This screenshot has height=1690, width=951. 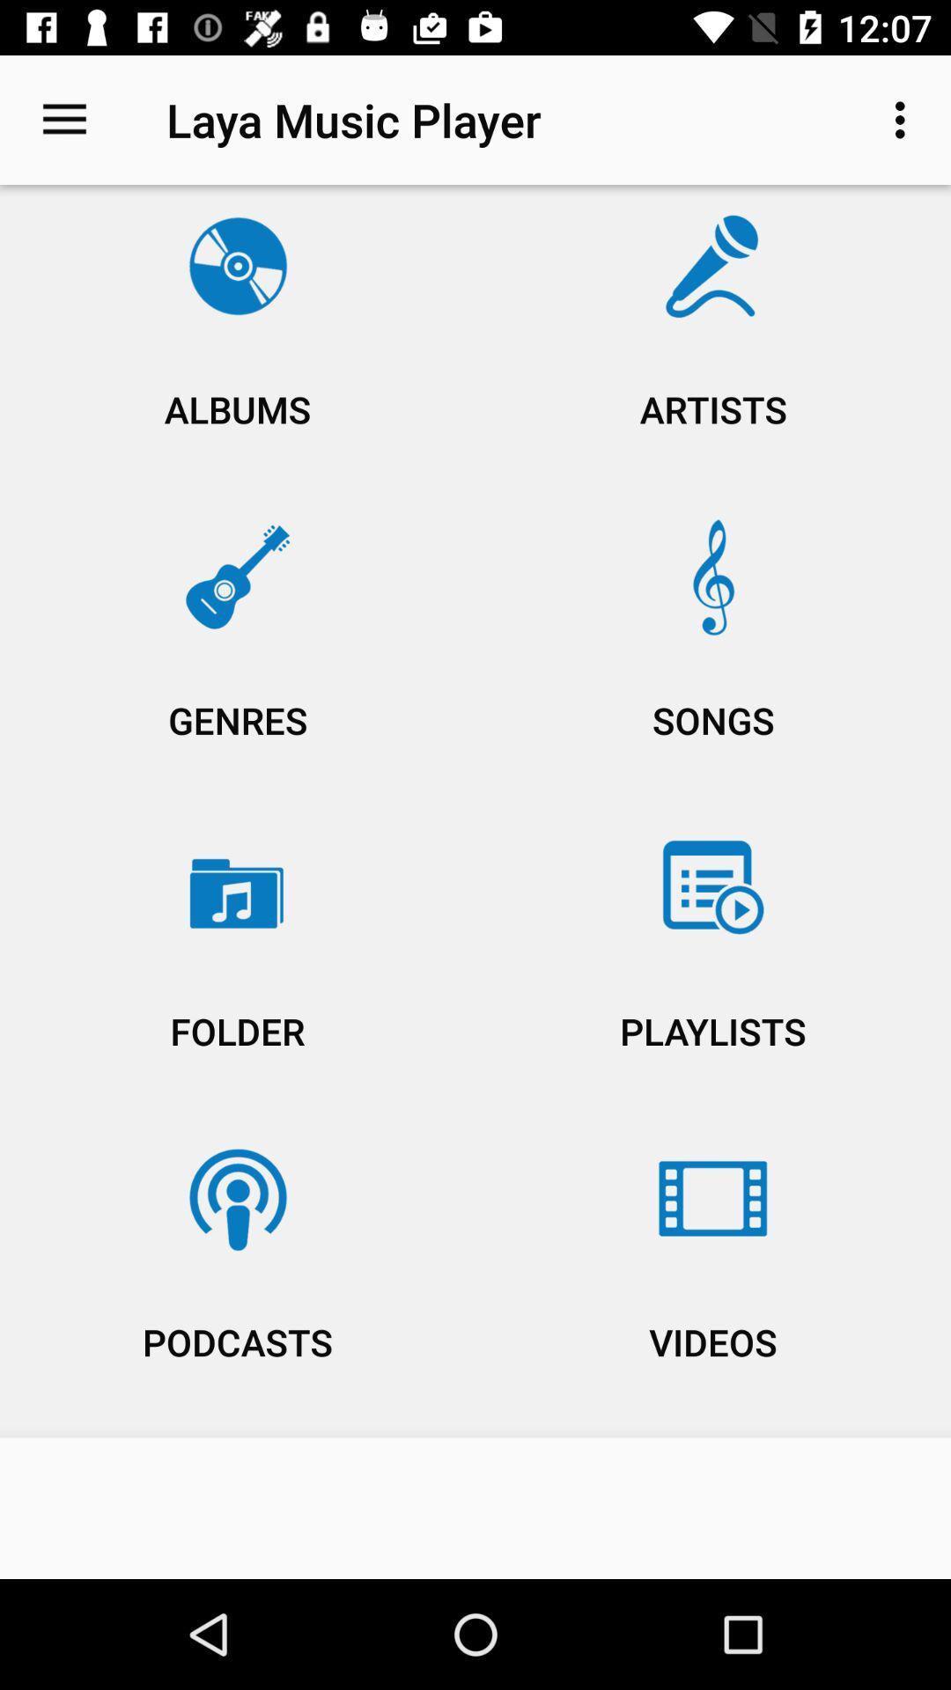 What do you see at coordinates (238, 1277) in the screenshot?
I see `the item next to playlists icon` at bounding box center [238, 1277].